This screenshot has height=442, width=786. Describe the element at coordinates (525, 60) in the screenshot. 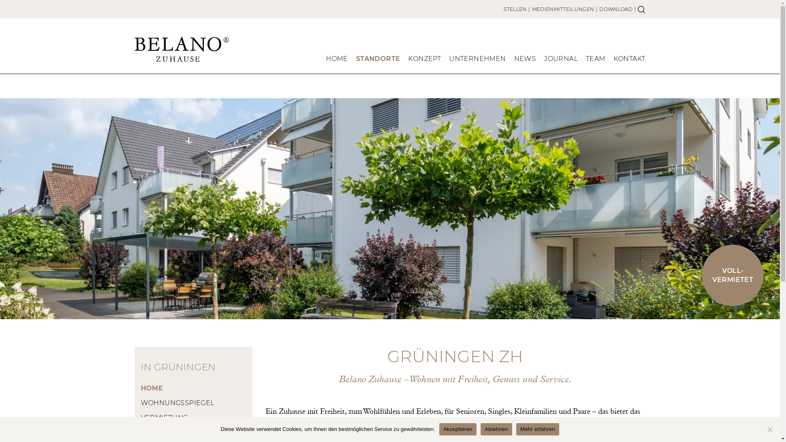

I see `'NEWS'` at that location.